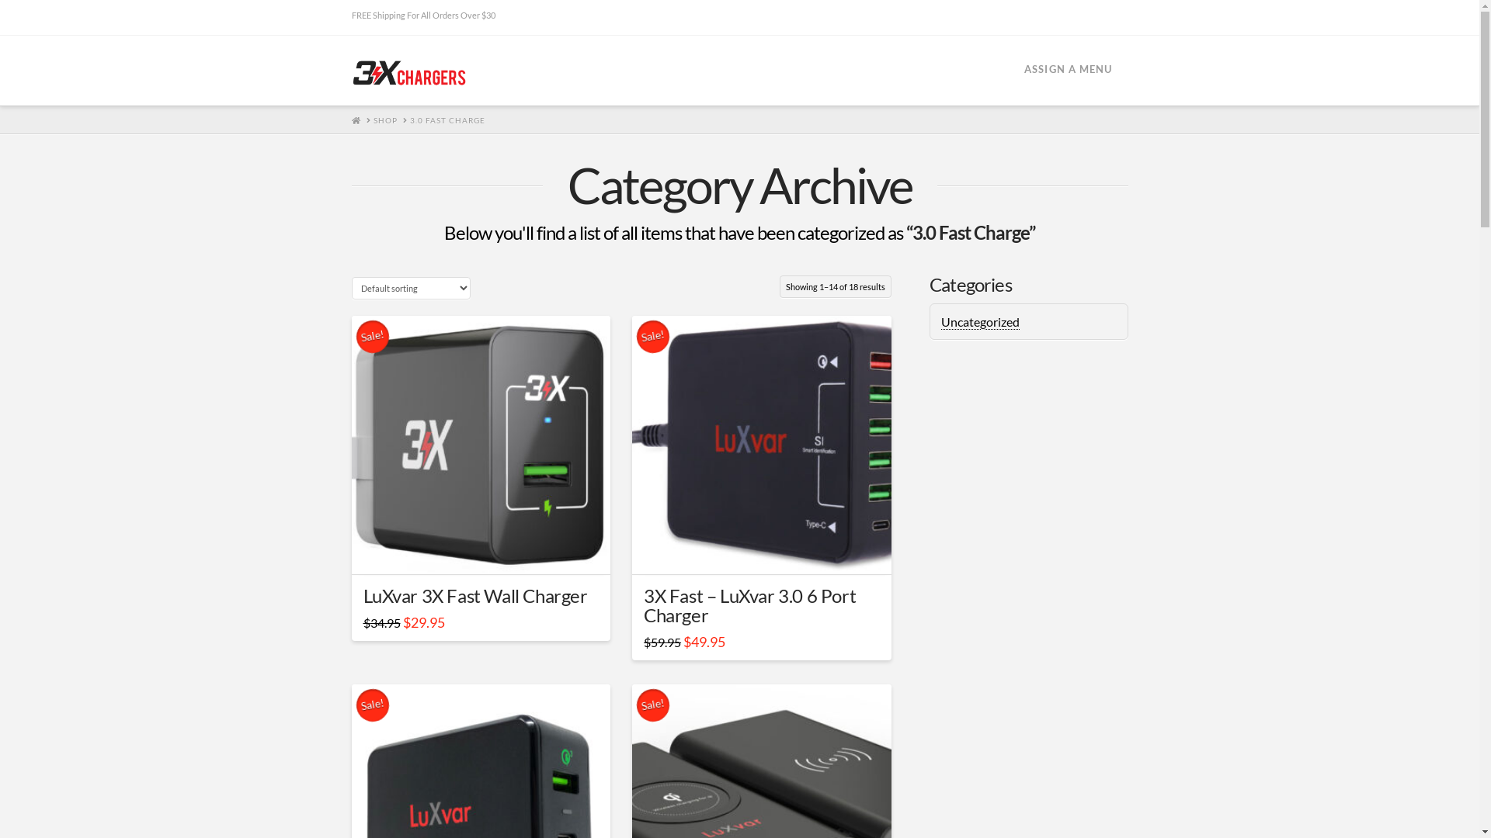  Describe the element at coordinates (447, 119) in the screenshot. I see `'3.0 FAST CHARGE'` at that location.